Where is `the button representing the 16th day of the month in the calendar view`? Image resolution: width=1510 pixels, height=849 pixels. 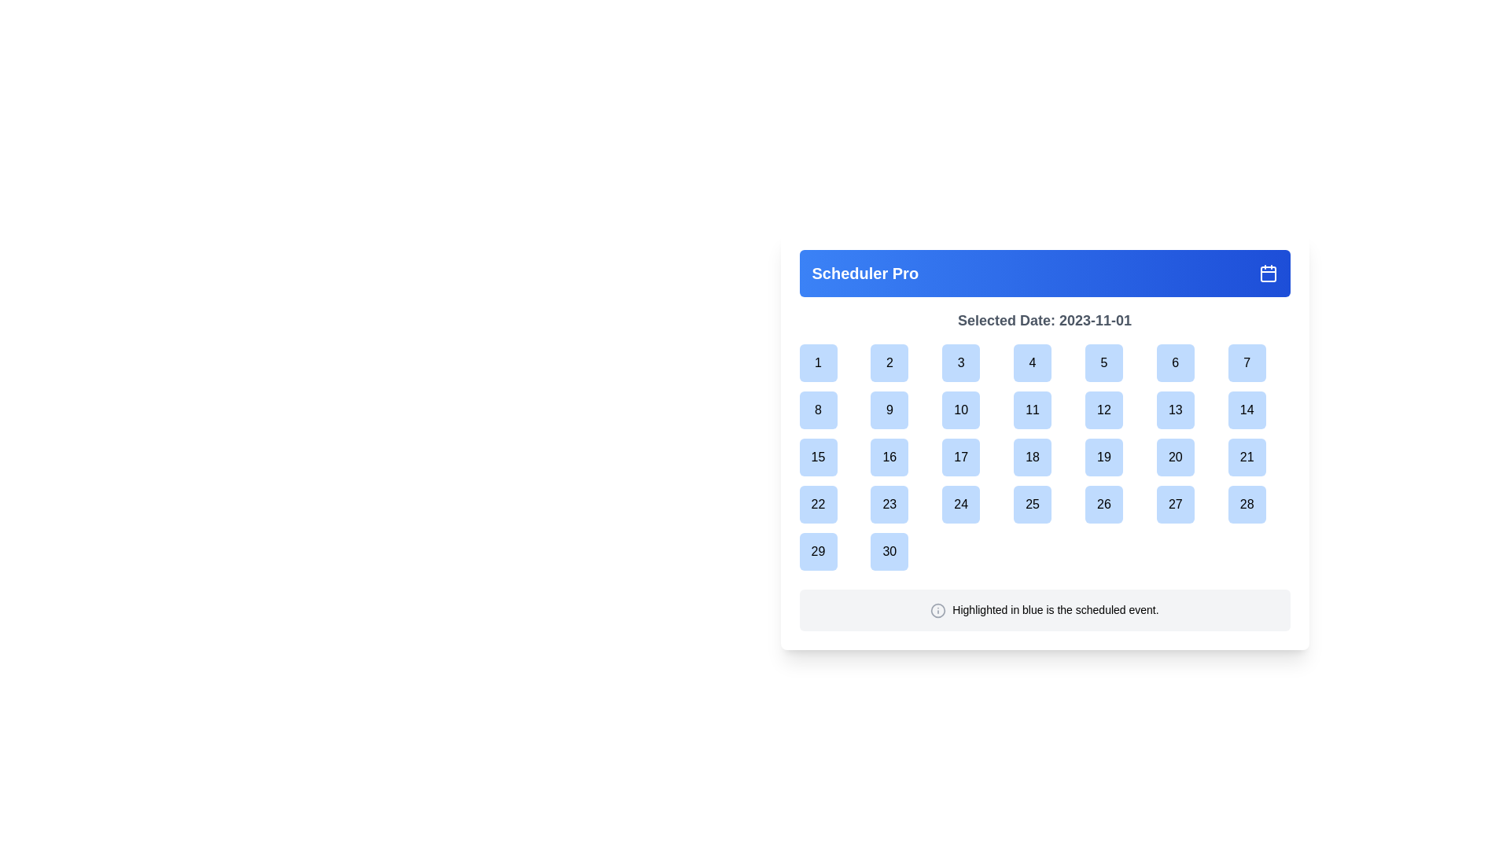
the button representing the 16th day of the month in the calendar view is located at coordinates (889, 458).